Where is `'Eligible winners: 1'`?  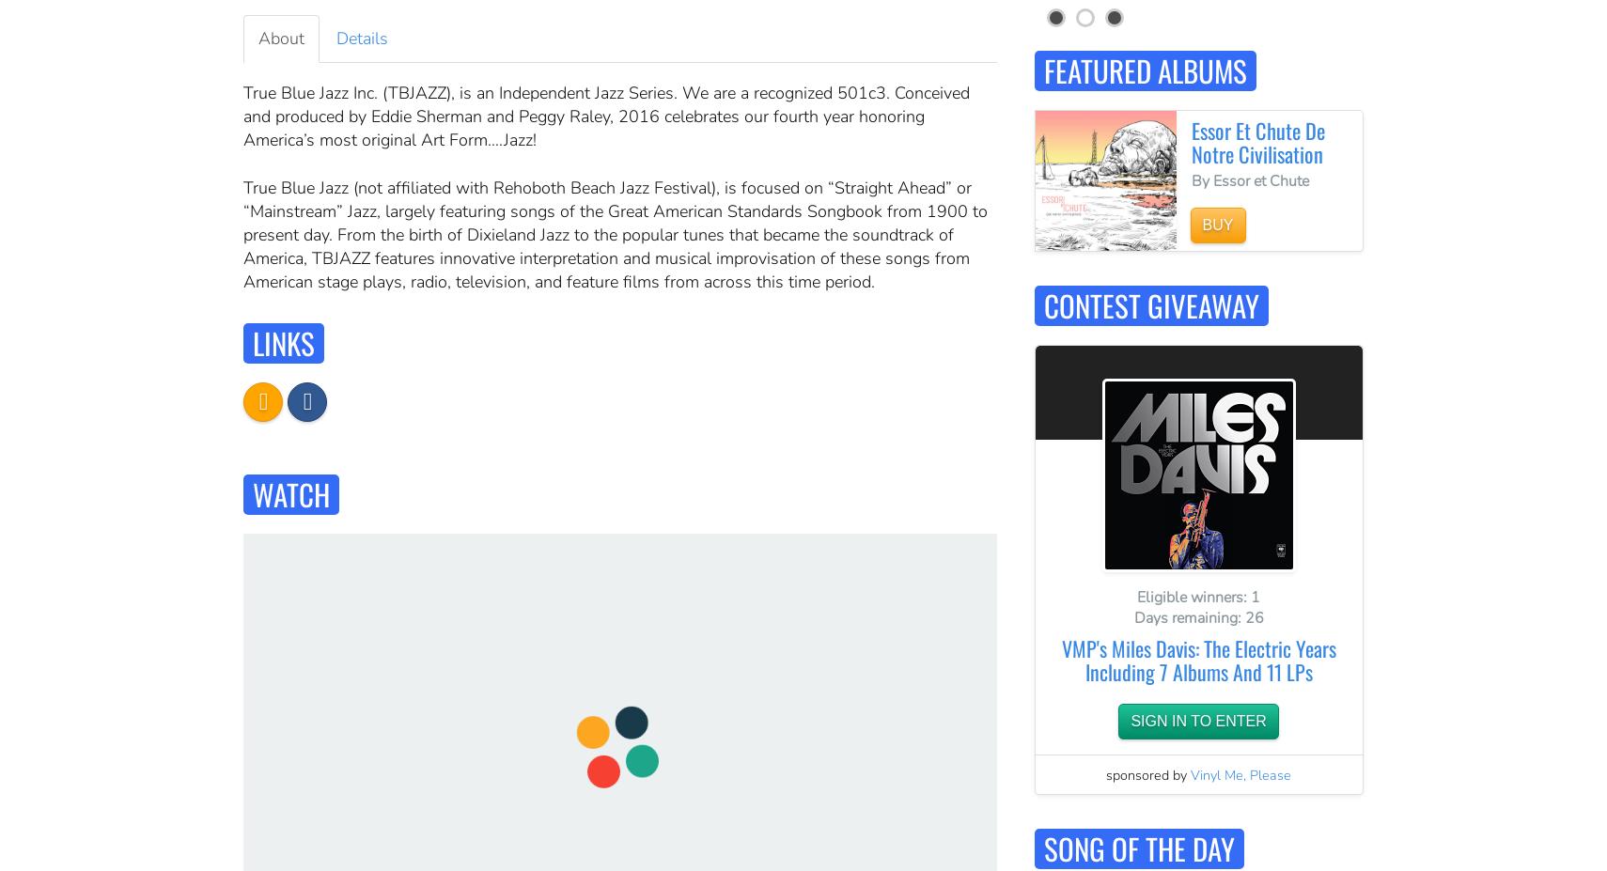
'Eligible winners: 1' is located at coordinates (1135, 595).